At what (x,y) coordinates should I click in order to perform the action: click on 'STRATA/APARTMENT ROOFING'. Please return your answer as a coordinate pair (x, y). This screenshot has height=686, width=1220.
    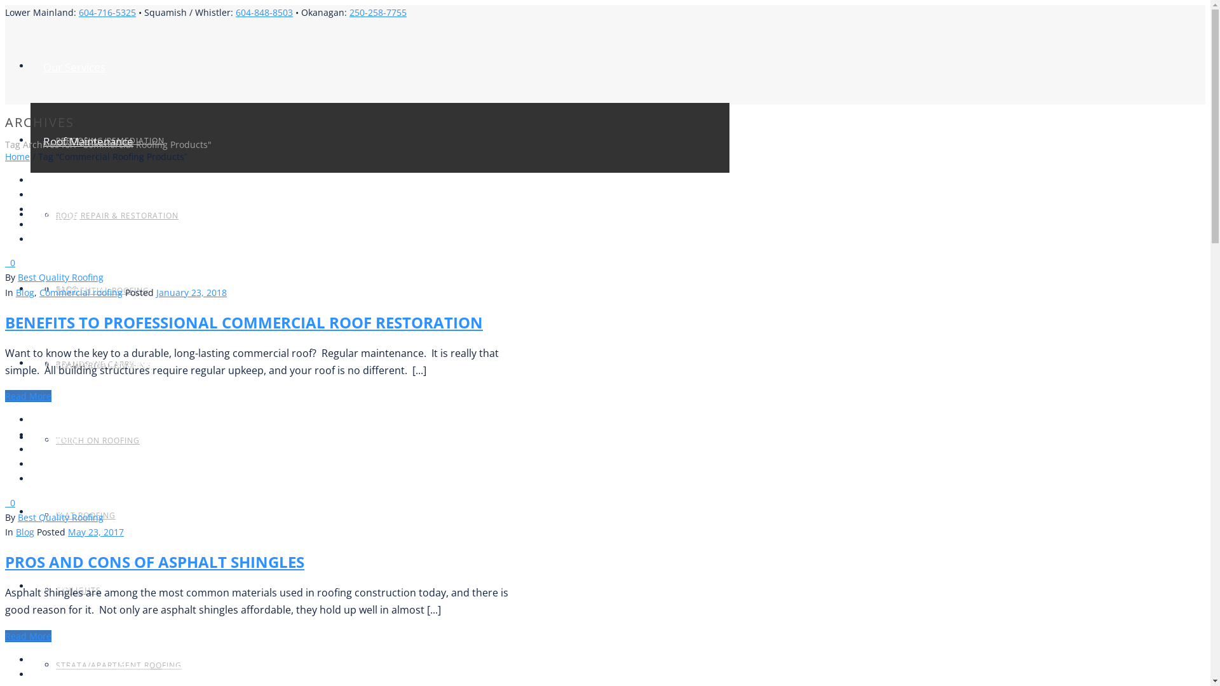
    Looking at the image, I should click on (55, 664).